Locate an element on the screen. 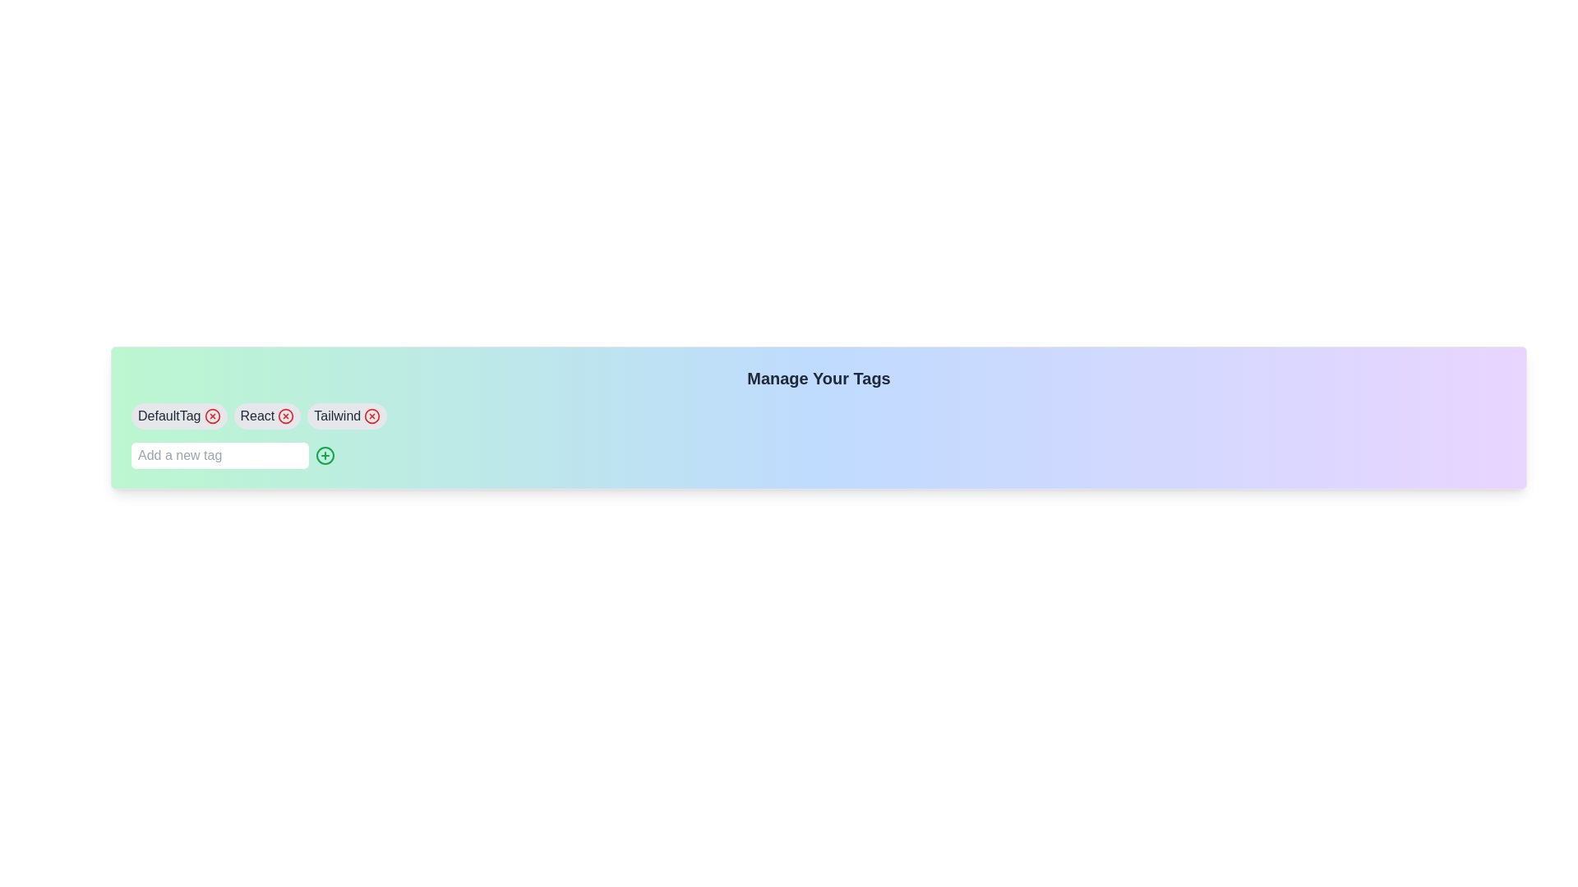 Image resolution: width=1578 pixels, height=887 pixels. the circular SVG-based icon located near the bottom of the interface, adjacent to the 'Add a new tag' input field is located at coordinates (325, 456).